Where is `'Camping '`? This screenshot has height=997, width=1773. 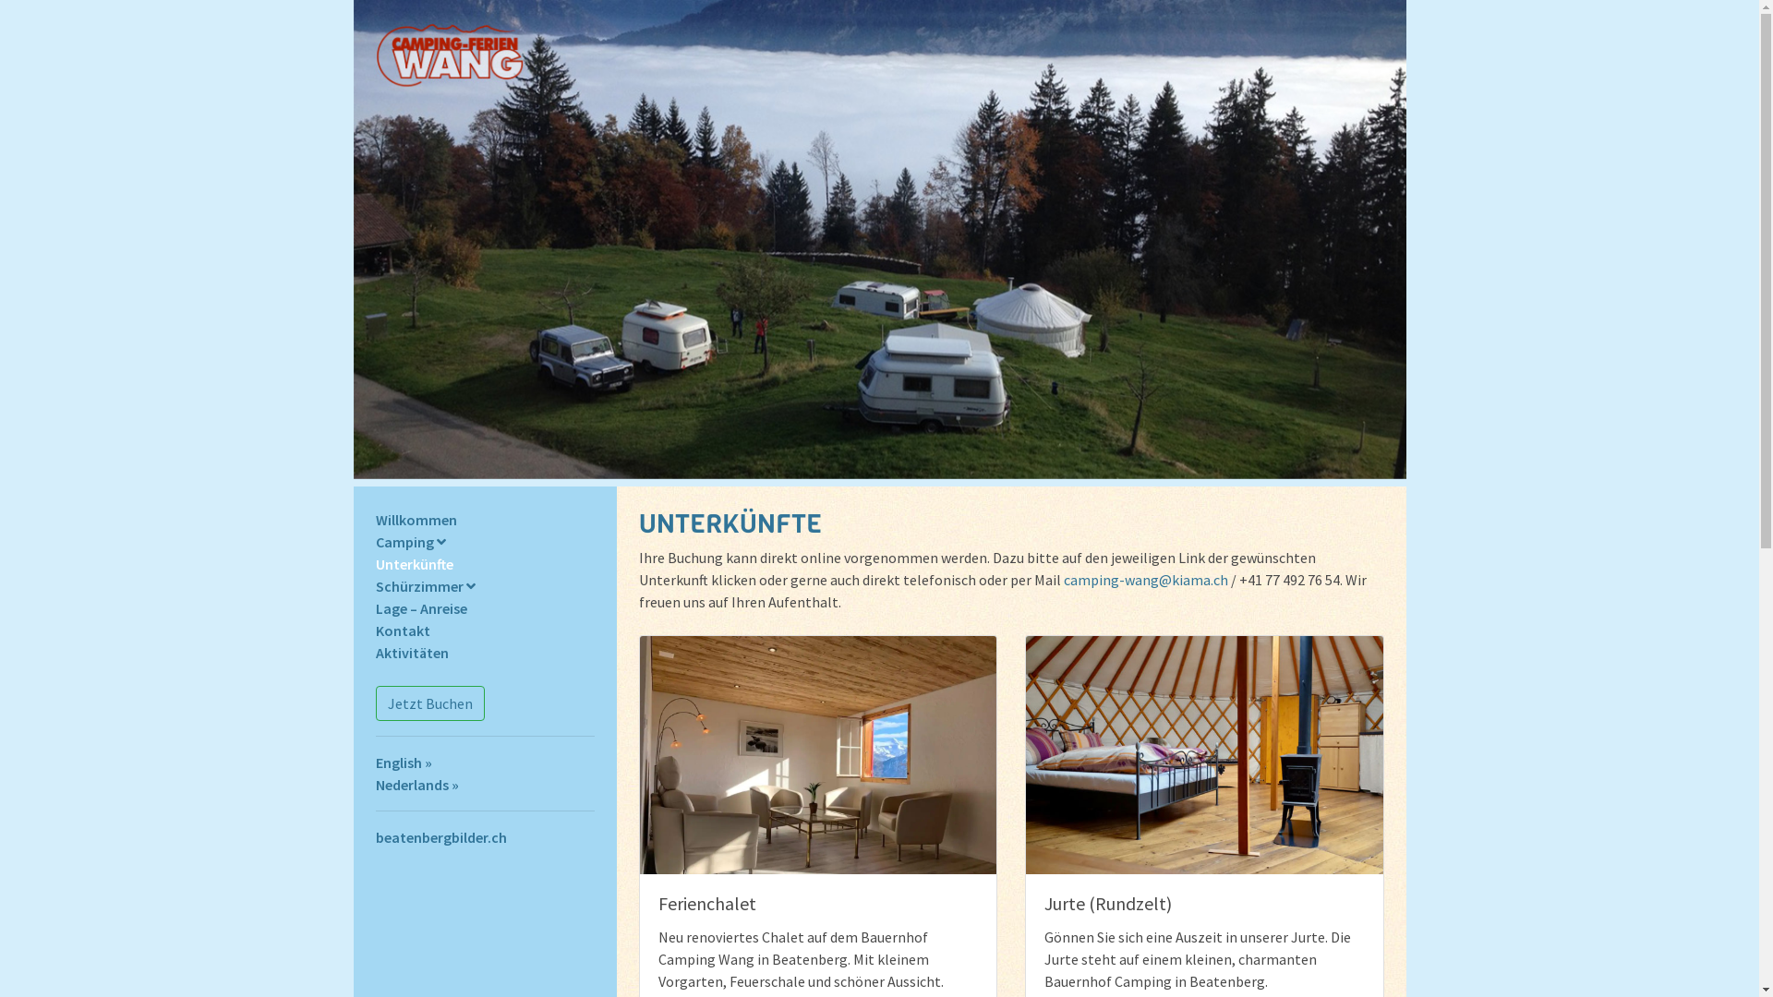 'Camping ' is located at coordinates (409, 540).